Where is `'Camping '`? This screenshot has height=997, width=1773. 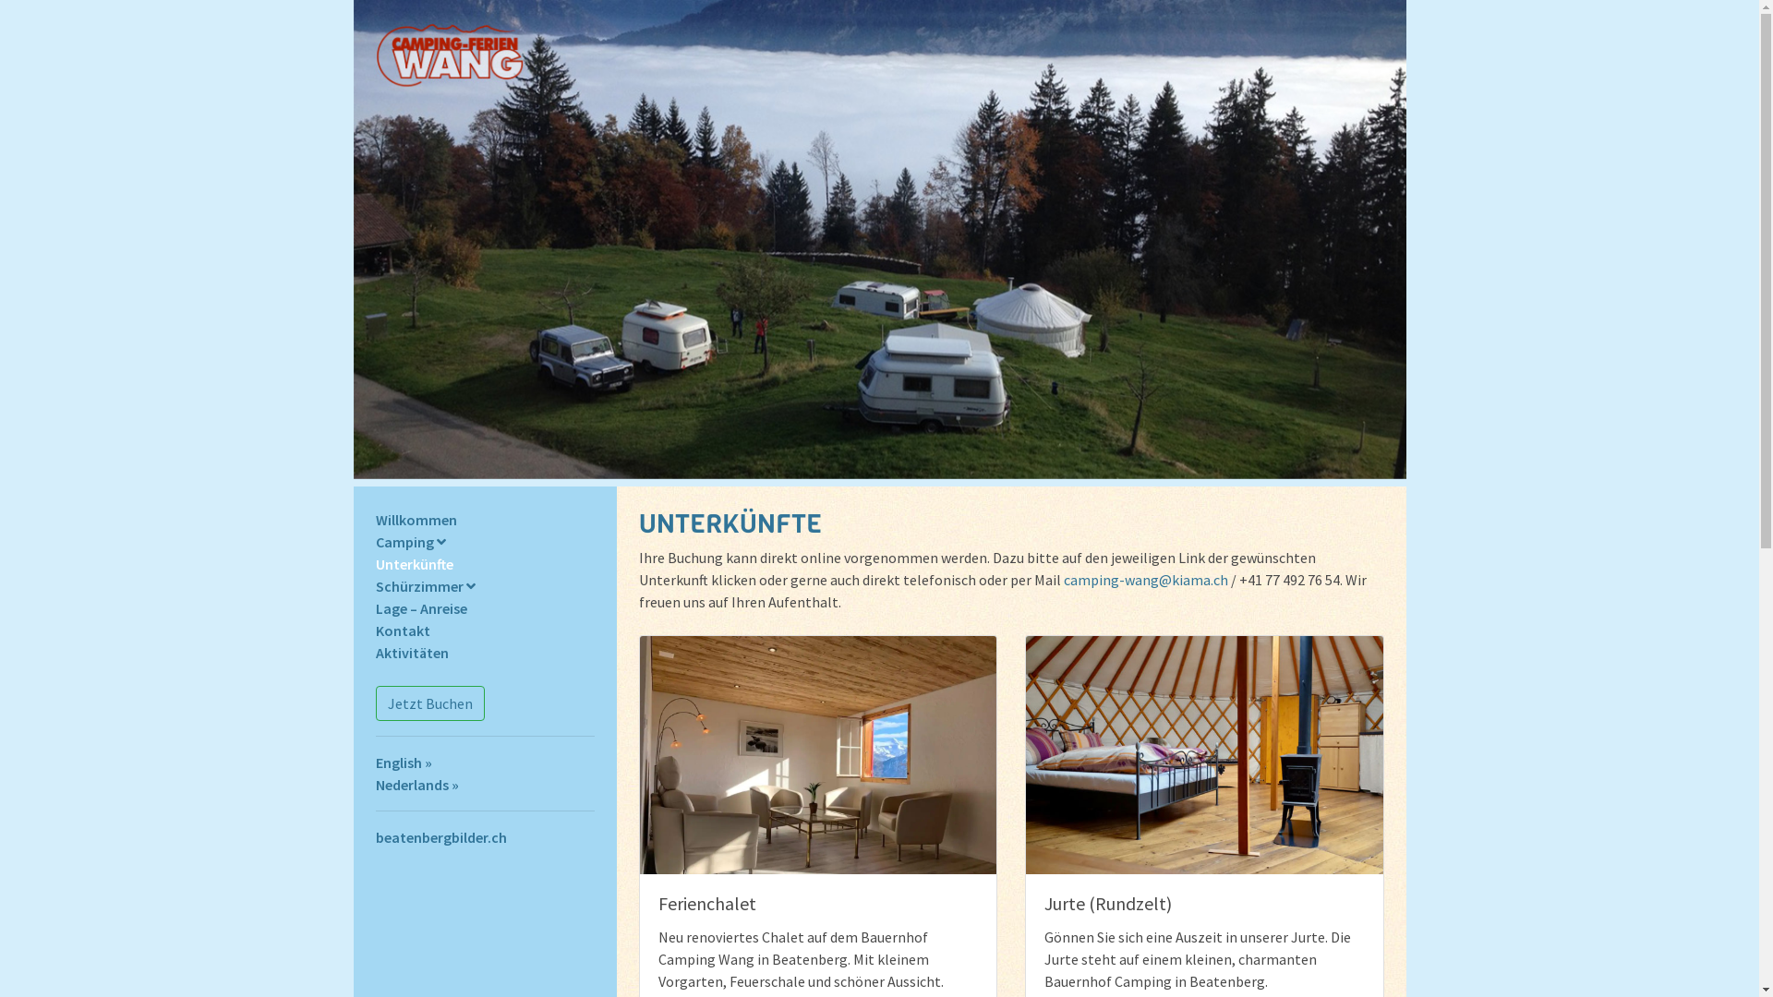 'Camping ' is located at coordinates (409, 540).